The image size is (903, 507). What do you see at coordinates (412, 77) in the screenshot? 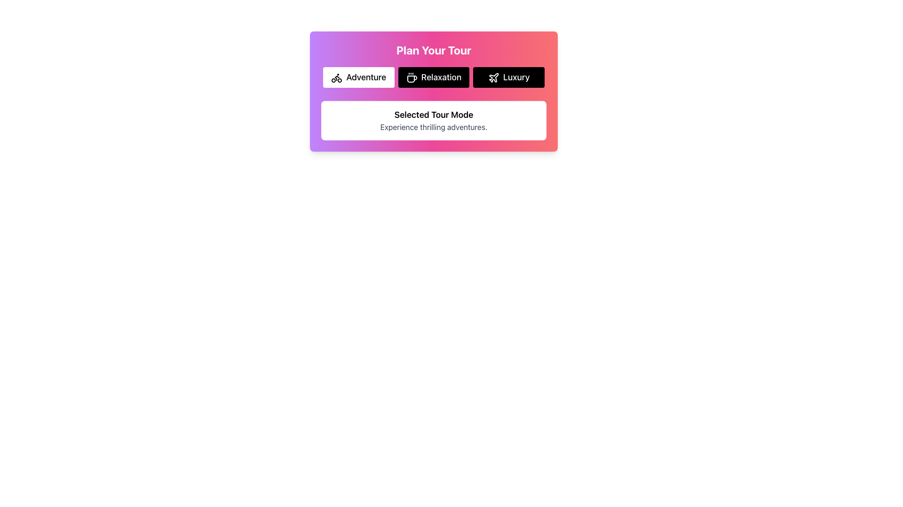
I see `the 'Relaxation' button which contains the coffee cup icon, located centrally under the 'Plan Your Tour' heading` at bounding box center [412, 77].